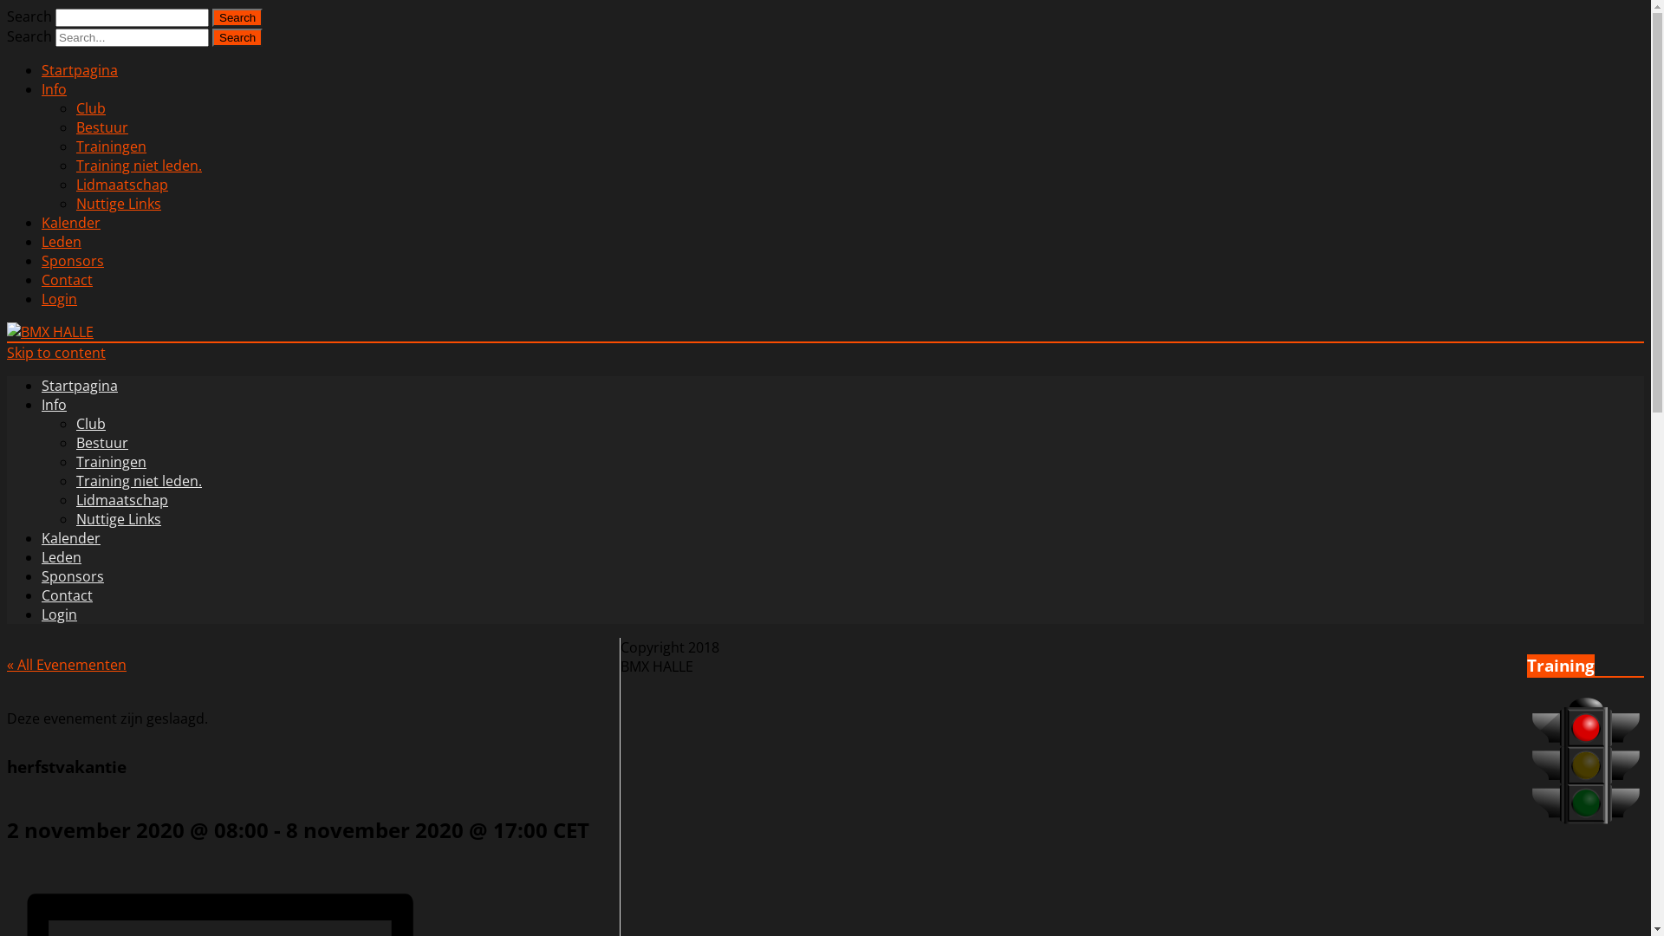 This screenshot has width=1664, height=936. What do you see at coordinates (59, 614) in the screenshot?
I see `'Login'` at bounding box center [59, 614].